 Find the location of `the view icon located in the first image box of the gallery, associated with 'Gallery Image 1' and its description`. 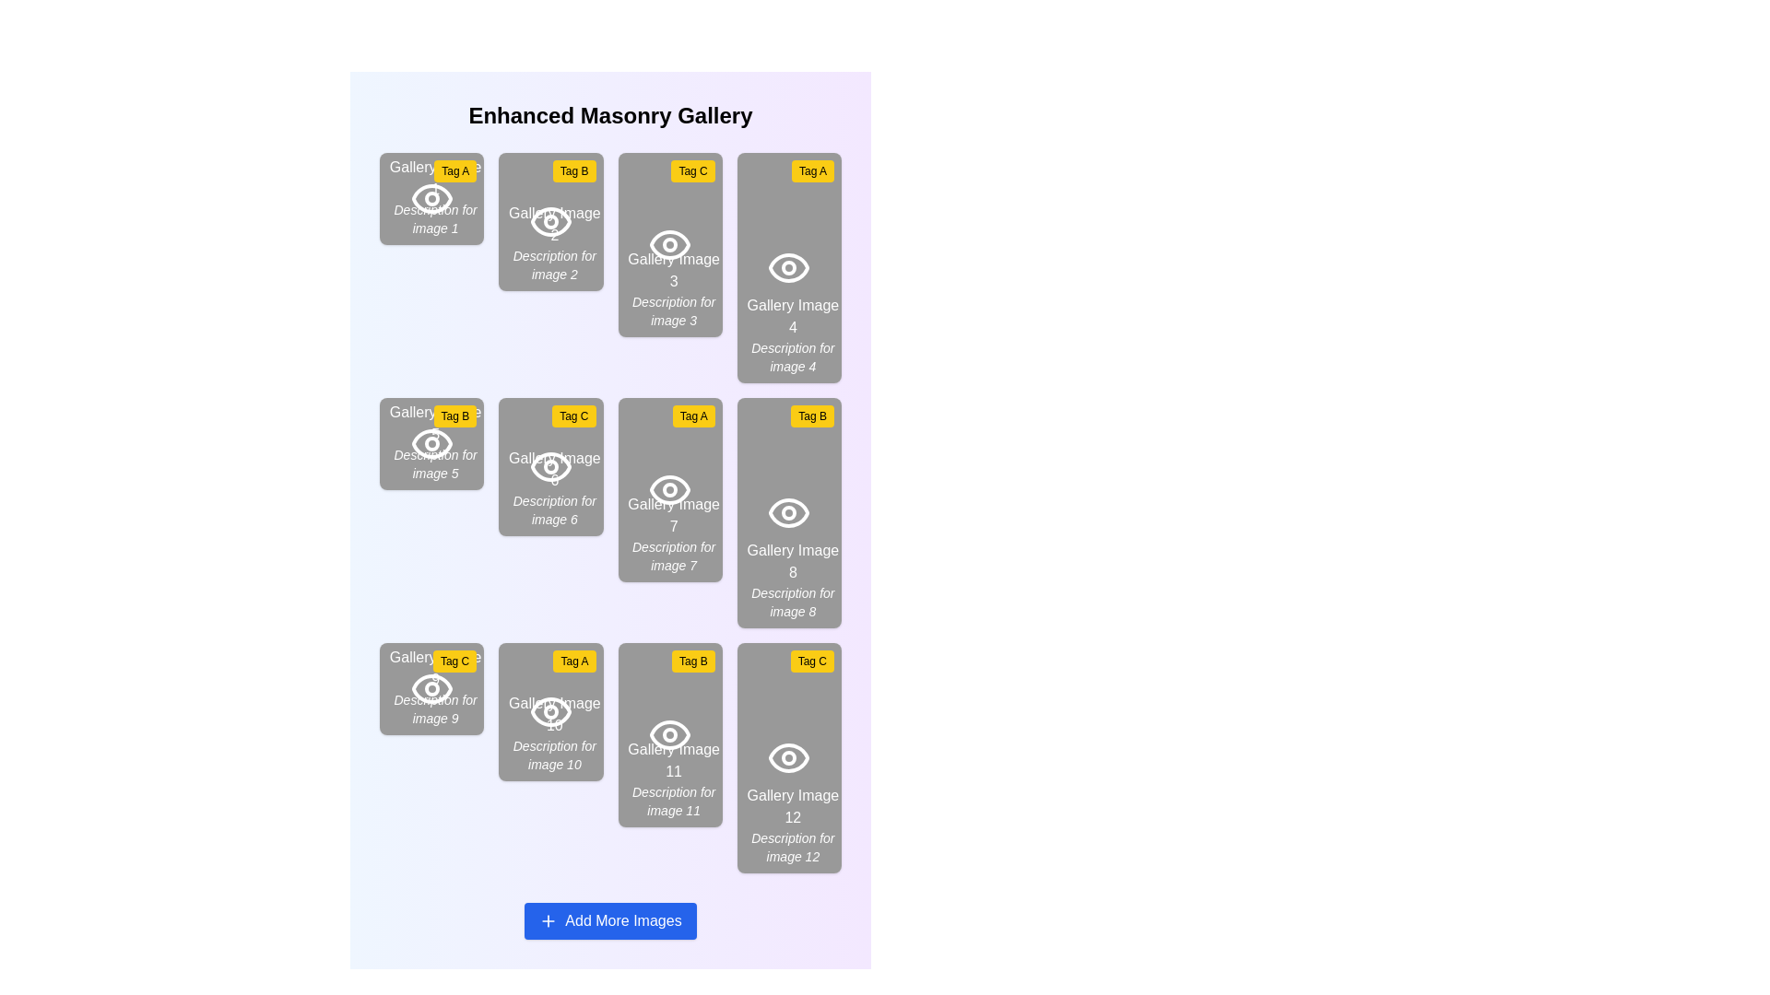

the view icon located in the first image box of the gallery, associated with 'Gallery Image 1' and its description is located at coordinates (431, 199).